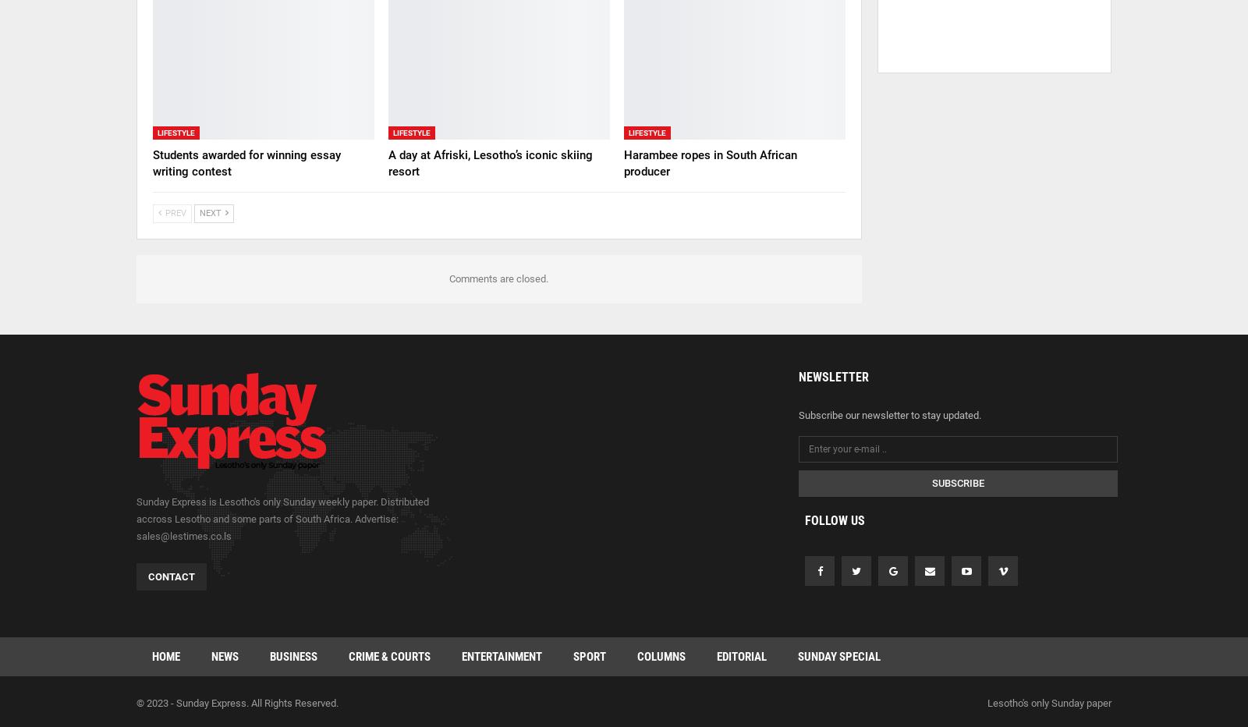 The height and width of the screenshot is (727, 1248). What do you see at coordinates (661, 655) in the screenshot?
I see `'Columns'` at bounding box center [661, 655].